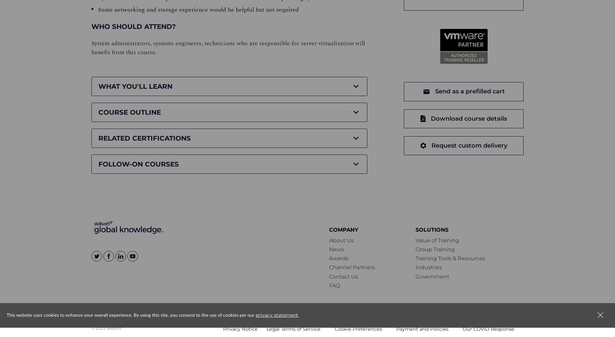 The width and height of the screenshot is (615, 337). What do you see at coordinates (470, 91) in the screenshot?
I see `'Send as a prefilled cart'` at bounding box center [470, 91].